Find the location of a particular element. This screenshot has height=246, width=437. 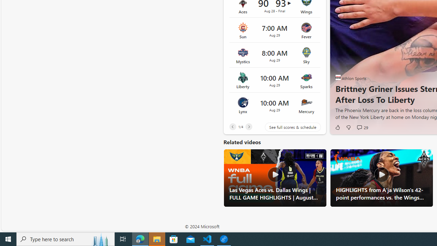

'View comments 29 Comment' is located at coordinates (362, 127).